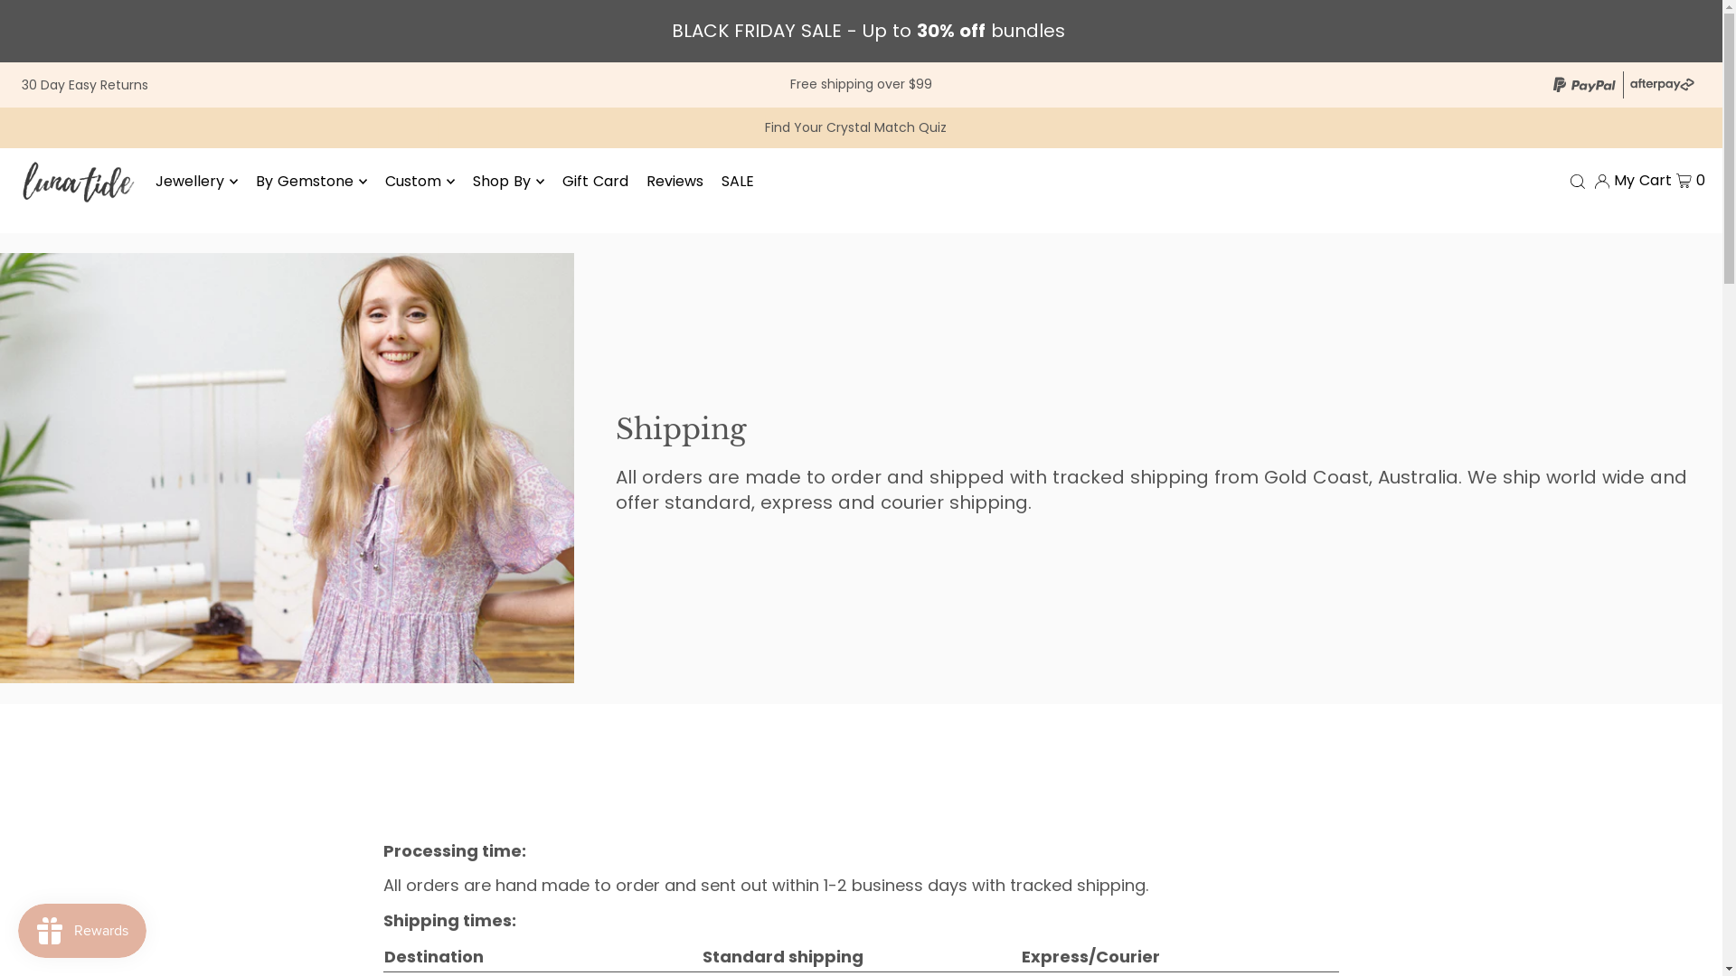 The height and width of the screenshot is (976, 1736). What do you see at coordinates (738, 181) in the screenshot?
I see `'SALE'` at bounding box center [738, 181].